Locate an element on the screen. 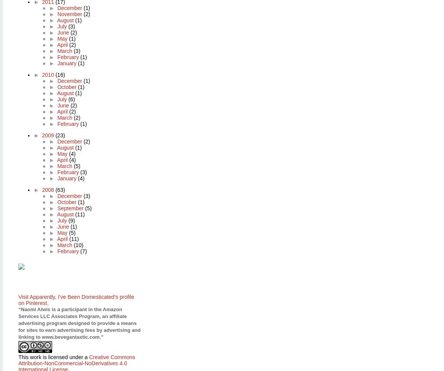 This screenshot has width=444, height=371. '2008' is located at coordinates (48, 189).